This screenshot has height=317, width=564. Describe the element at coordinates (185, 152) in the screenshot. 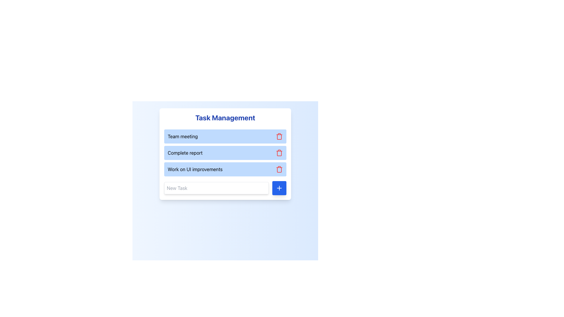

I see `the text label for the task titled 'Complete report' in the task management interface, which is the second item in a vertically aligned list of tasks` at that location.